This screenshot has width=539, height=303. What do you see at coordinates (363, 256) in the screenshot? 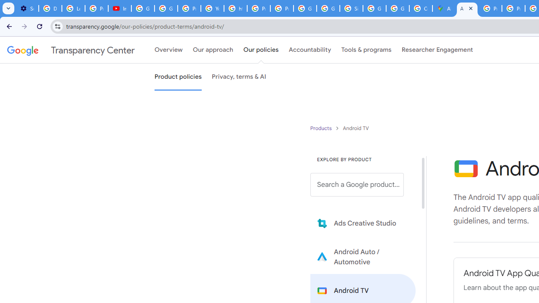
I see `'Learn more about Android Auto'` at bounding box center [363, 256].